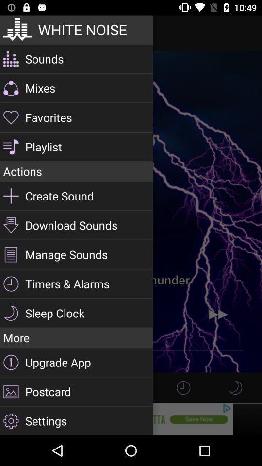 This screenshot has width=262, height=466. I want to click on the music icon, so click(235, 387).